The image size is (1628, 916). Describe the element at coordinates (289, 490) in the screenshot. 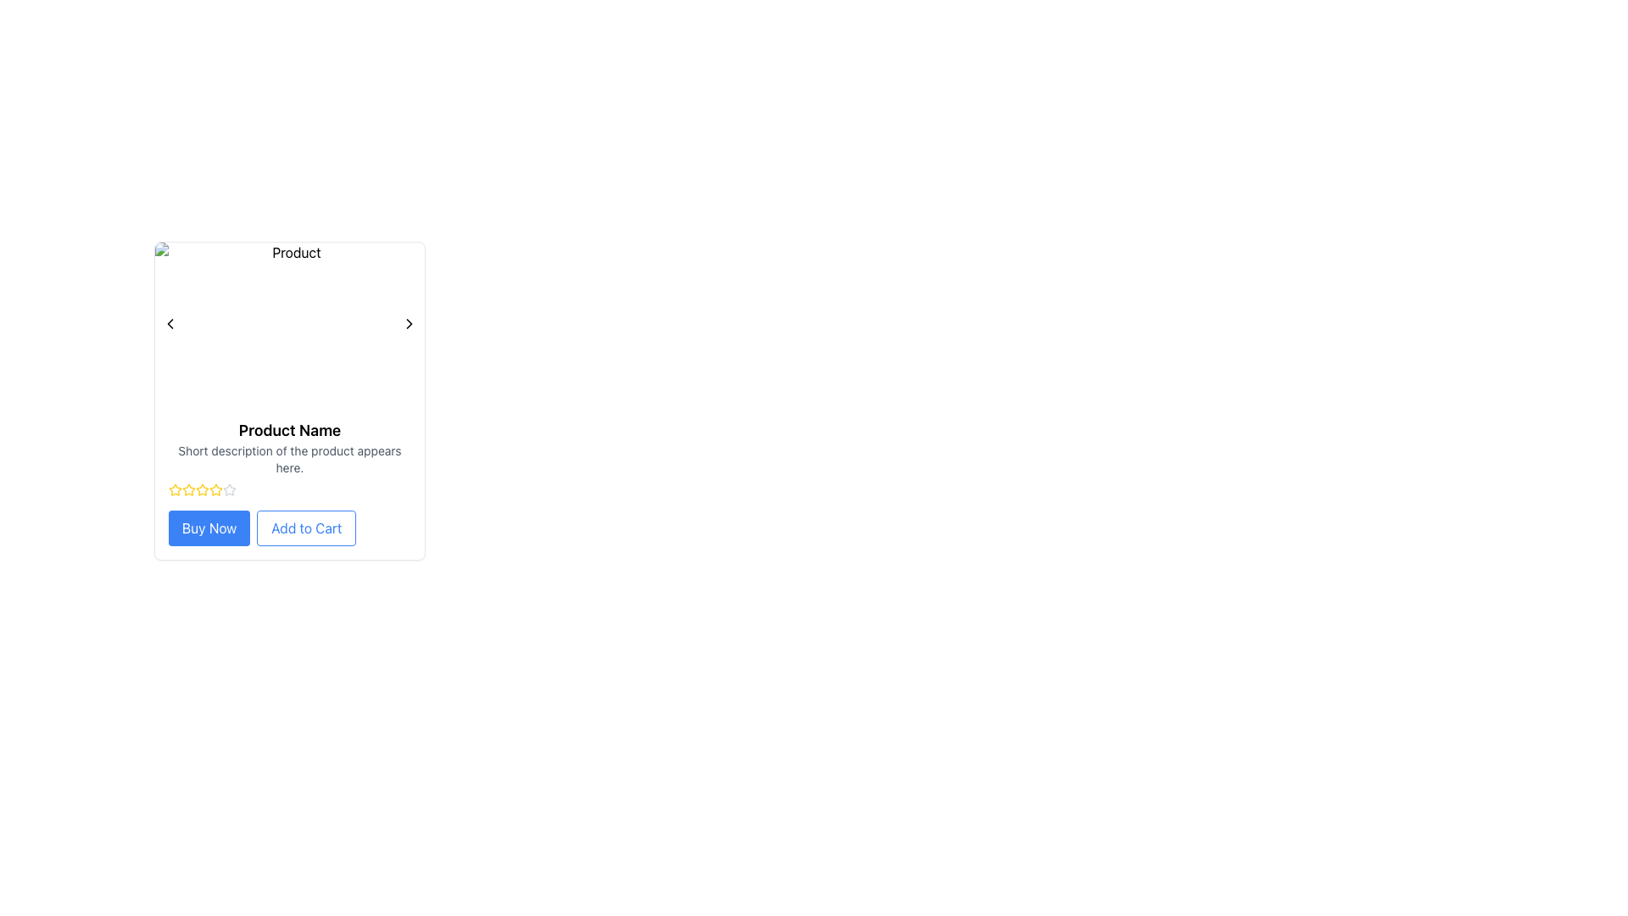

I see `the Rating Indicator, which visually represents the product's rating with highlighted stars` at that location.